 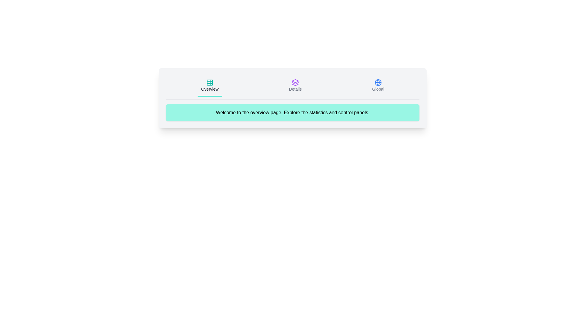 I want to click on the icon corresponding to Details, so click(x=295, y=86).